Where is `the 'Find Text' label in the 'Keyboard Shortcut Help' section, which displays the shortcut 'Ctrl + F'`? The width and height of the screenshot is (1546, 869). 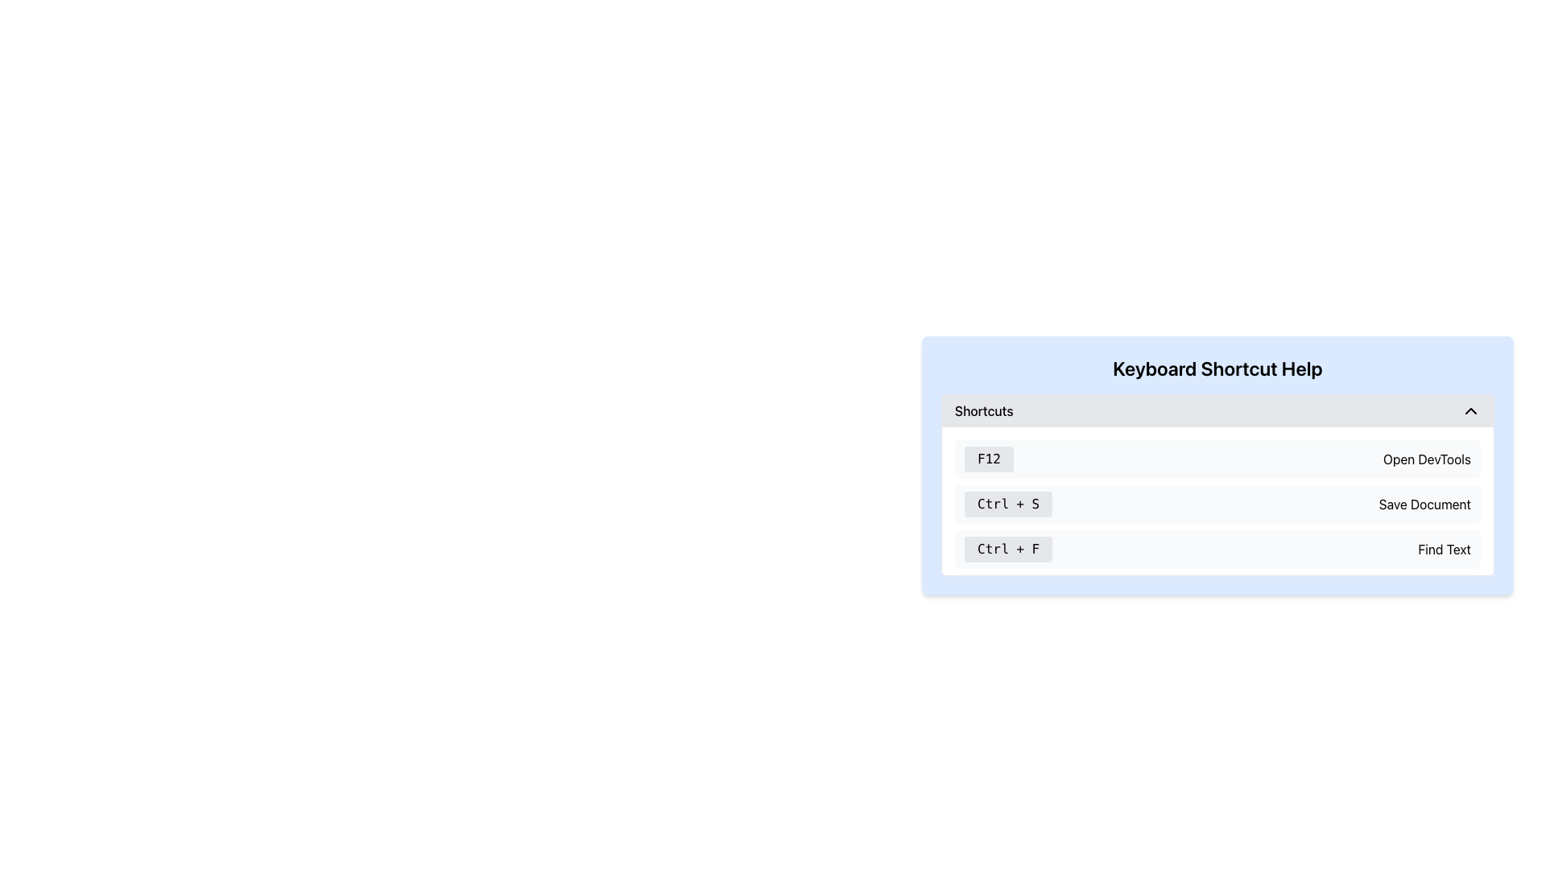
the 'Find Text' label in the 'Keyboard Shortcut Help' section, which displays the shortcut 'Ctrl + F' is located at coordinates (1445, 548).